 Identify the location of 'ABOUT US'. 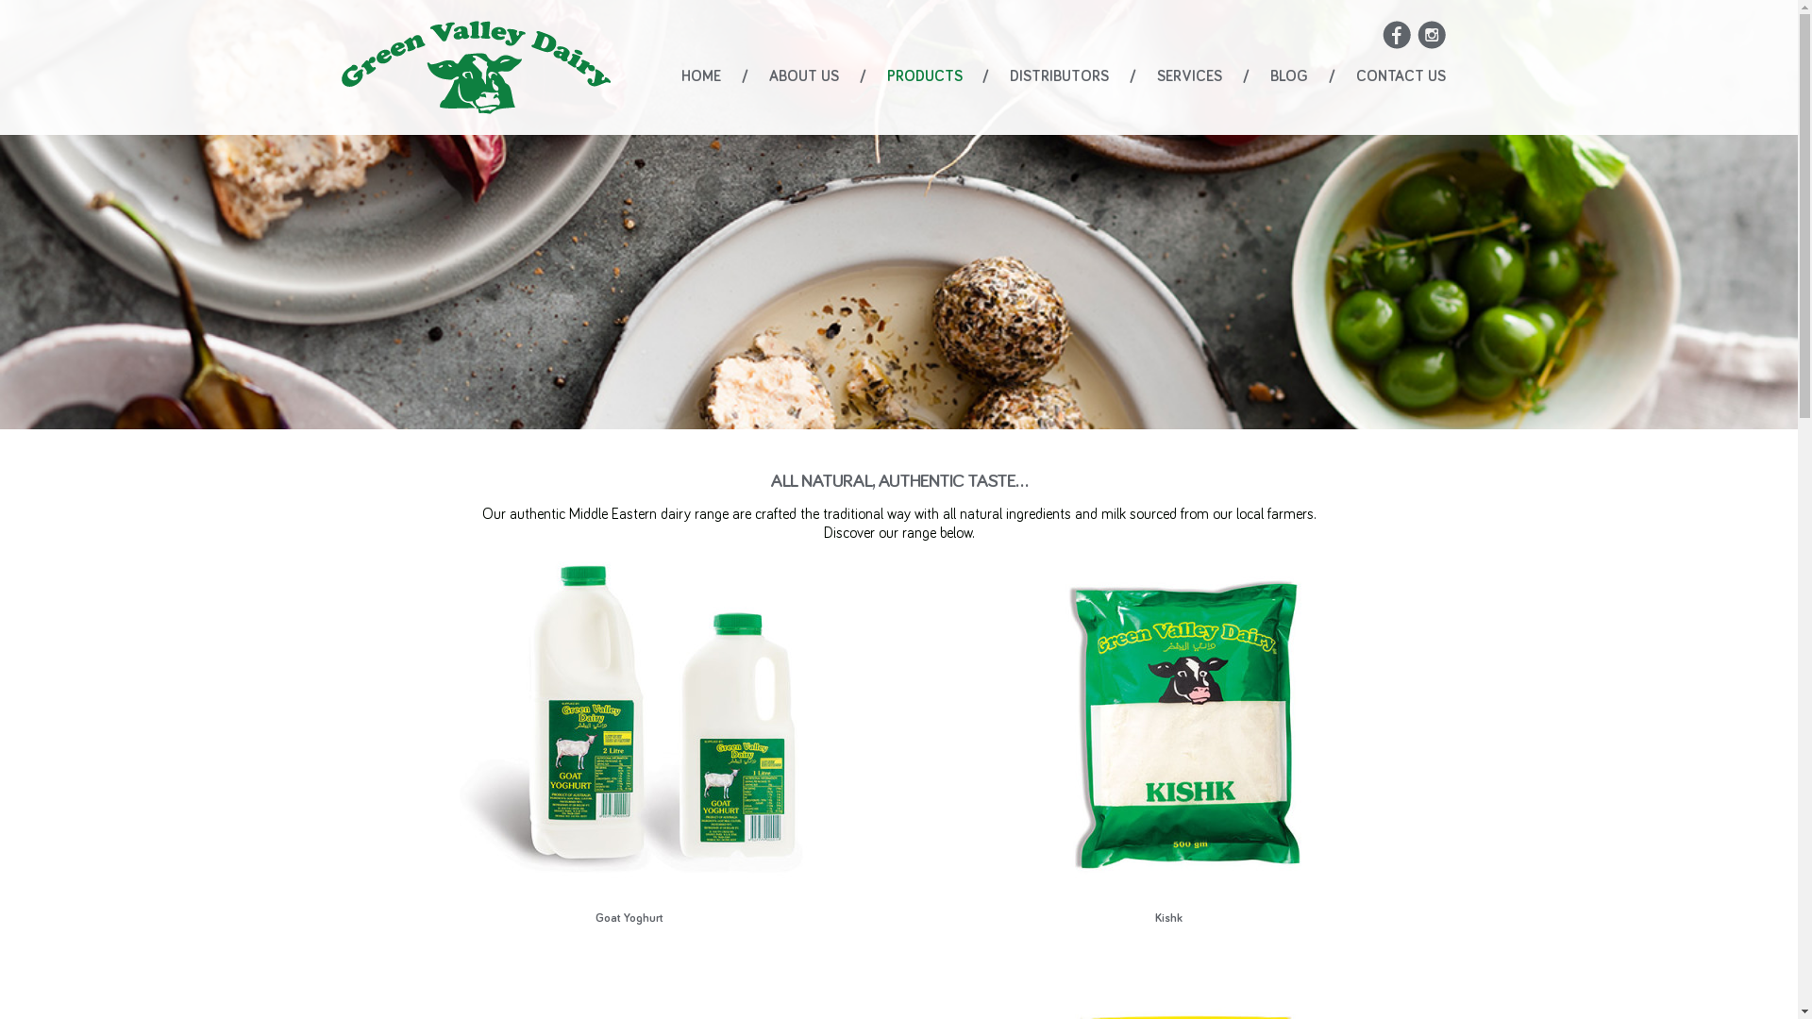
(803, 75).